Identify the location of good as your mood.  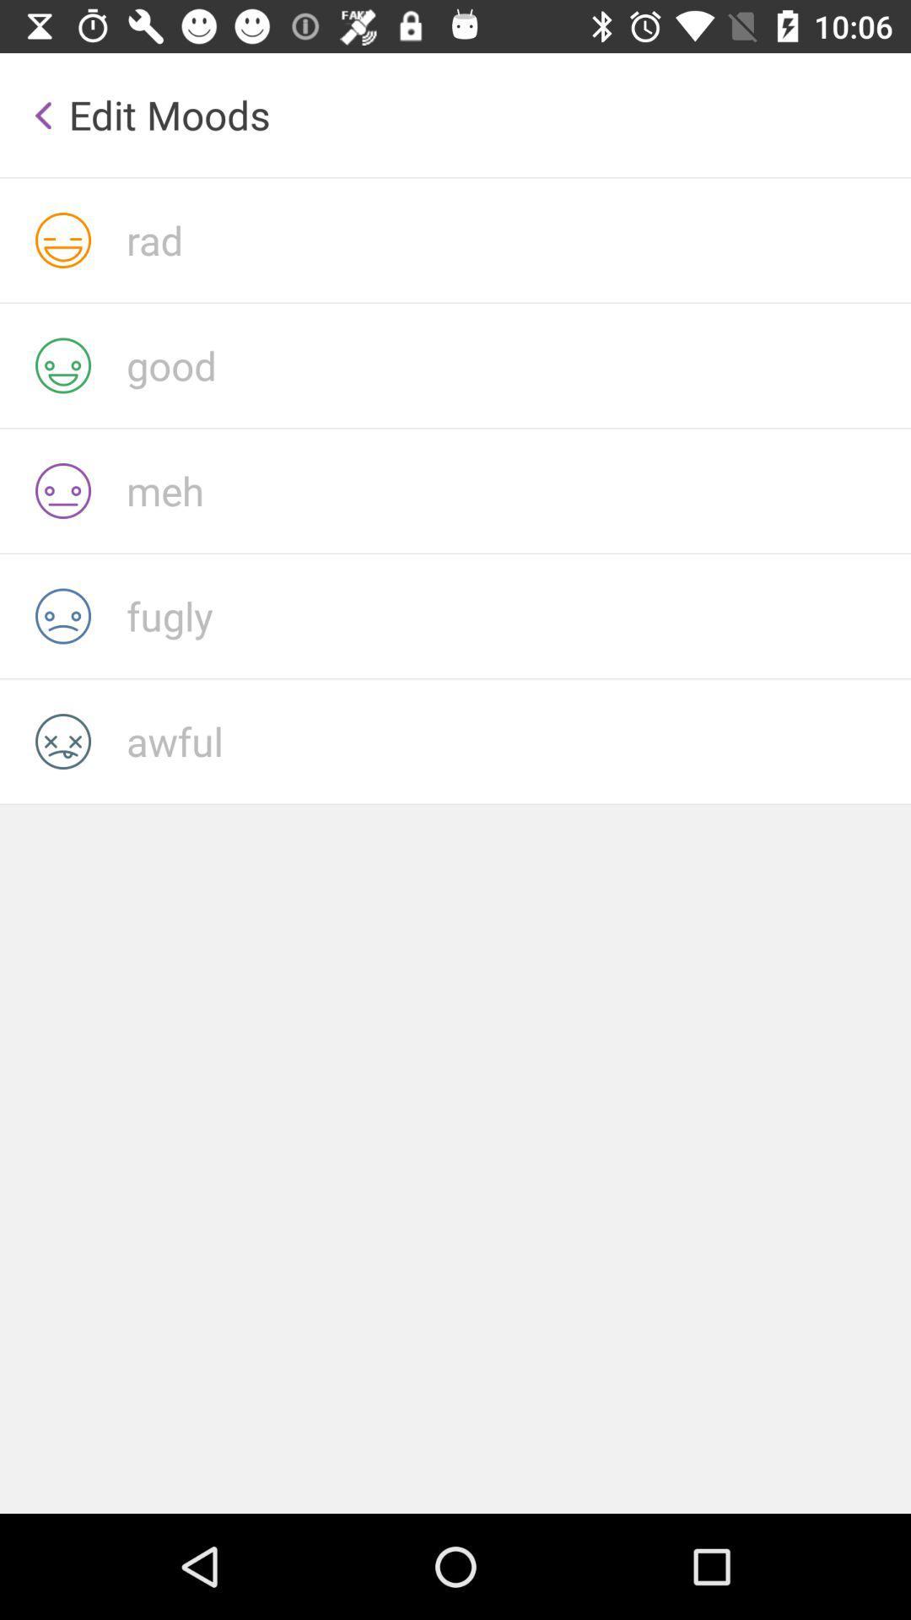
(517, 364).